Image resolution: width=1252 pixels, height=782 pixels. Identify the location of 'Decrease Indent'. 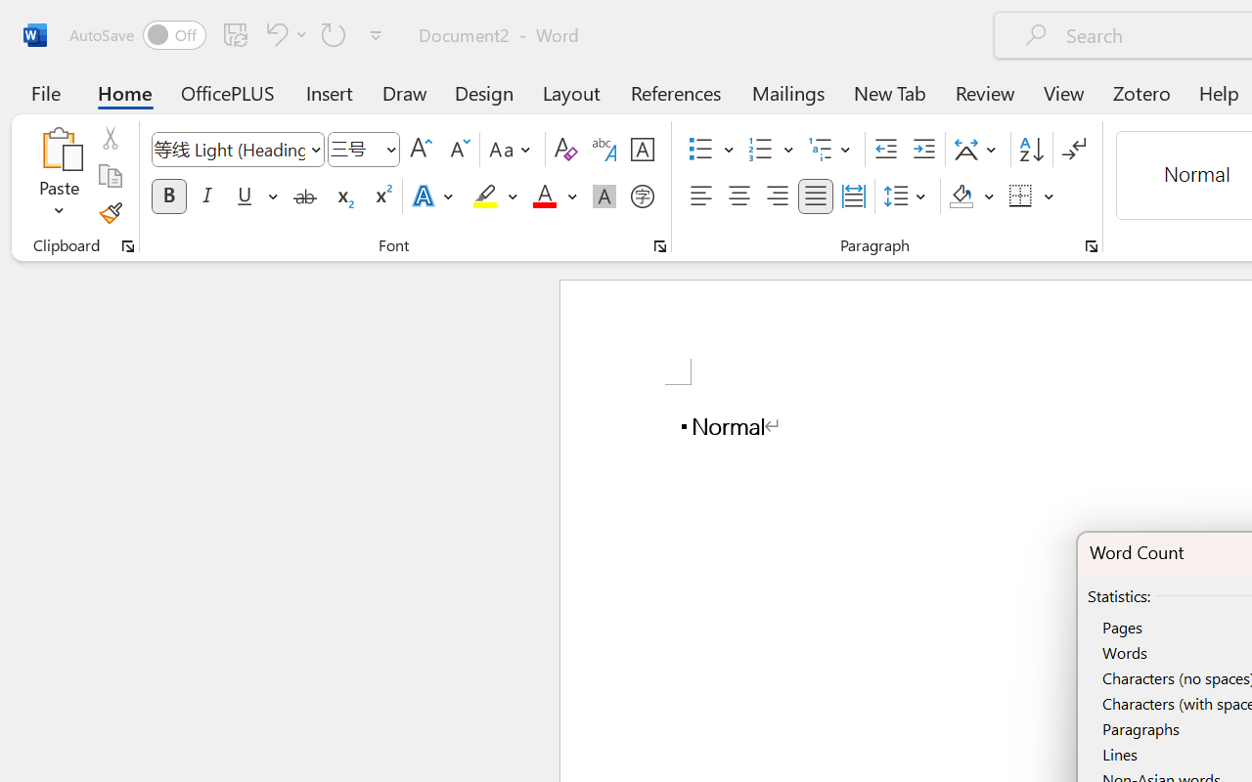
(885, 150).